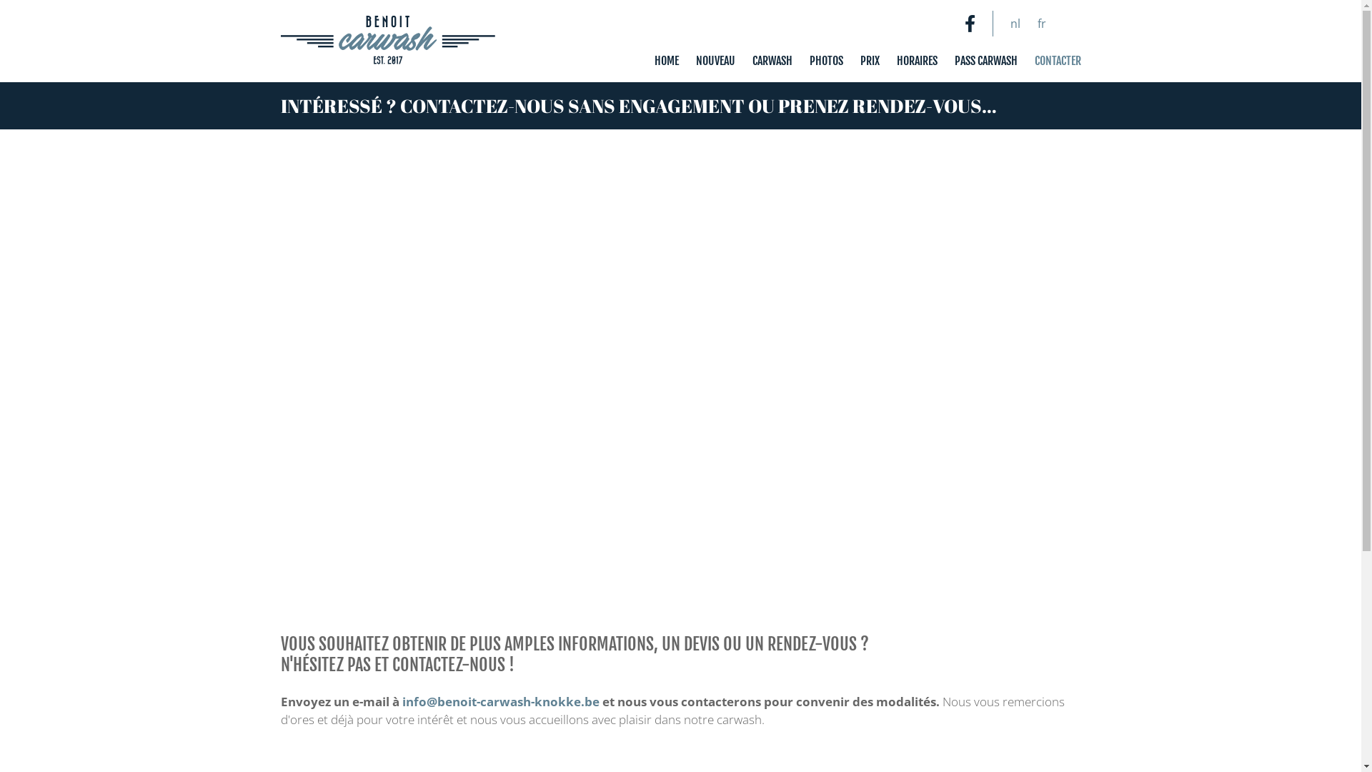 This screenshot has height=772, width=1372. What do you see at coordinates (1014, 24) in the screenshot?
I see `'nl'` at bounding box center [1014, 24].